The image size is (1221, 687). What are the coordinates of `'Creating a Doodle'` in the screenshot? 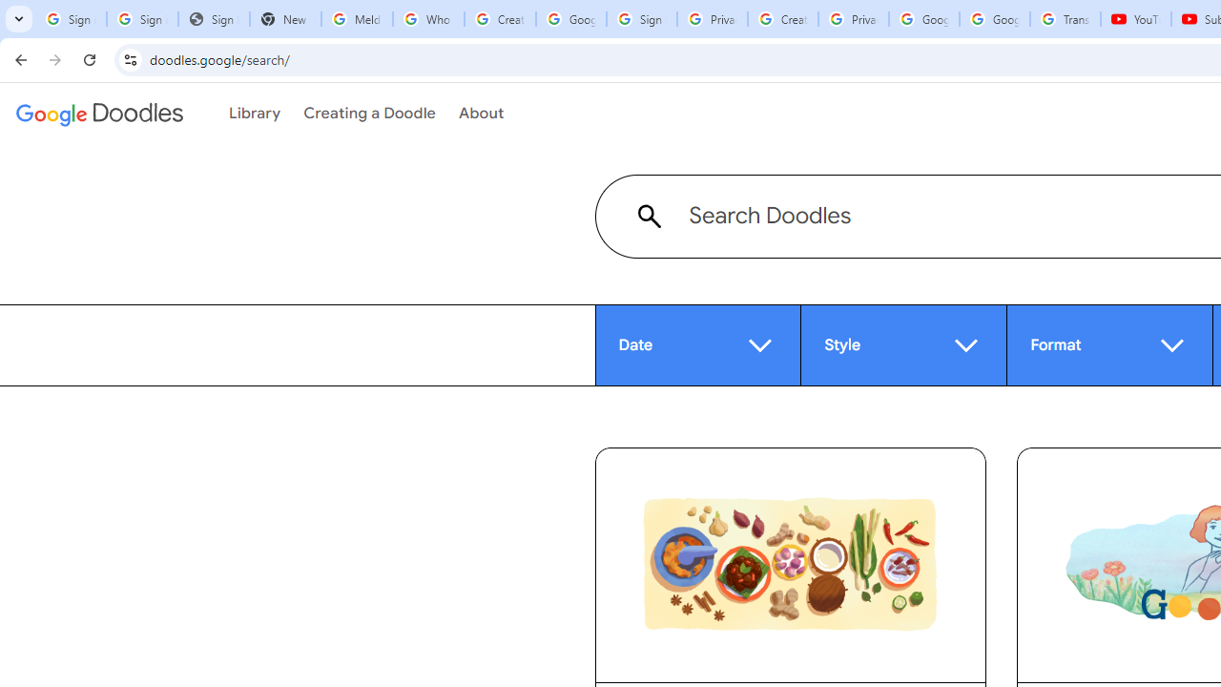 It's located at (369, 114).